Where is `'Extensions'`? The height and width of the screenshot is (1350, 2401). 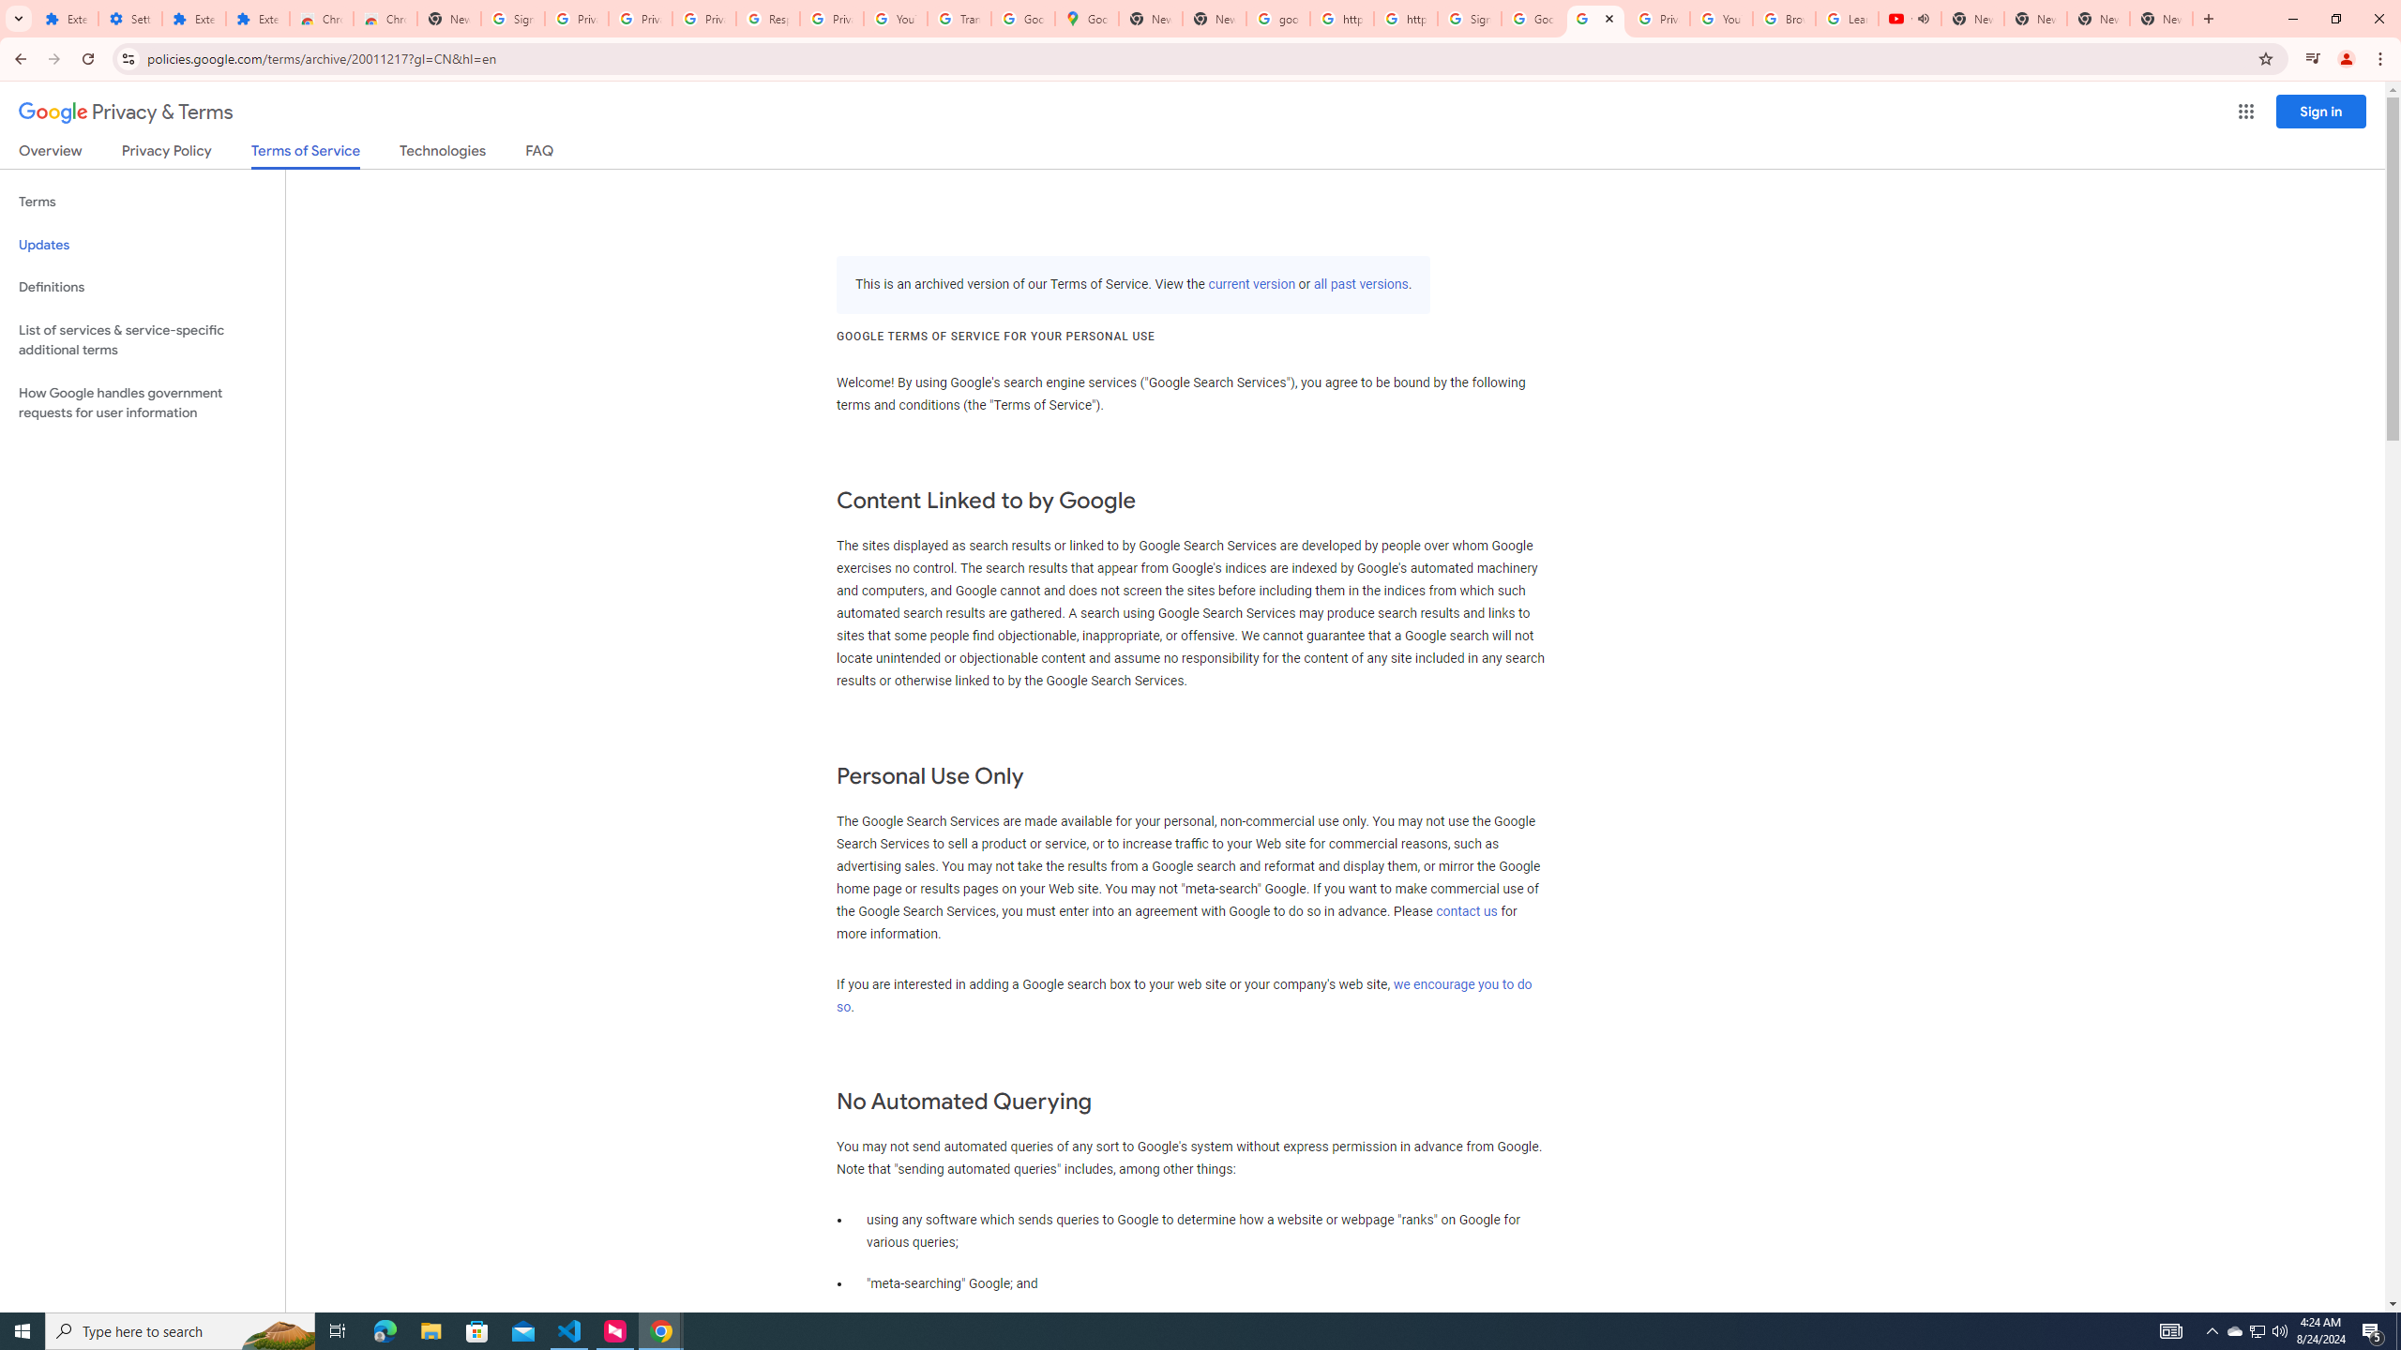
'Extensions' is located at coordinates (66, 18).